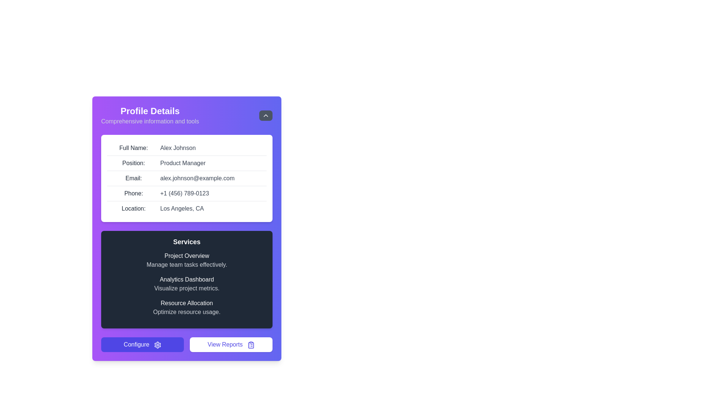 Image resolution: width=709 pixels, height=399 pixels. What do you see at coordinates (157, 345) in the screenshot?
I see `the gear-shaped settings icon located on the blue 'Configure' button to initiate configuration` at bounding box center [157, 345].